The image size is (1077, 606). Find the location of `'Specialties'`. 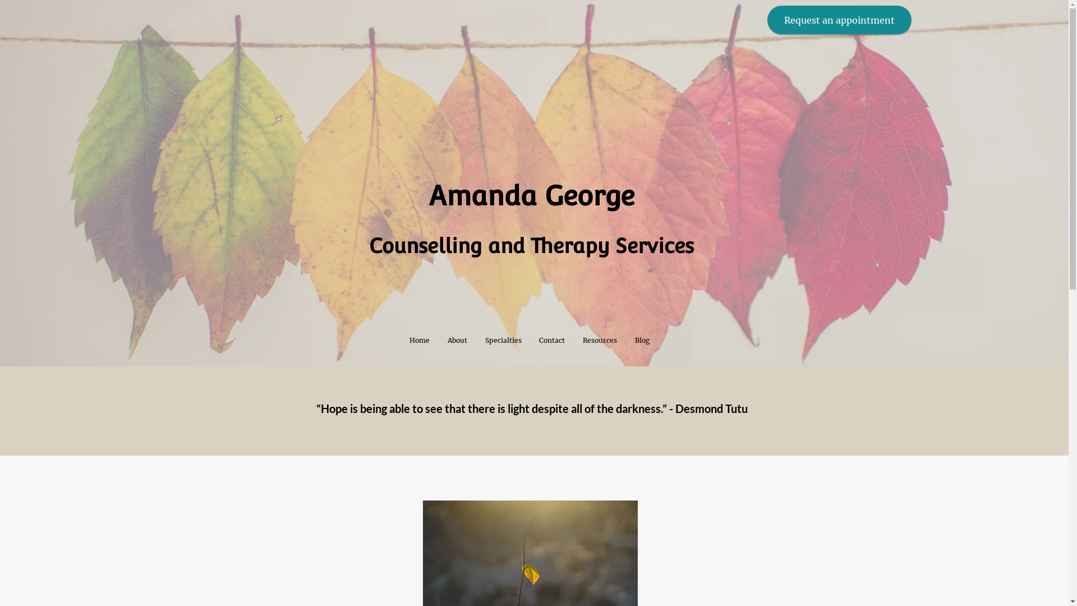

'Specialties' is located at coordinates (503, 339).